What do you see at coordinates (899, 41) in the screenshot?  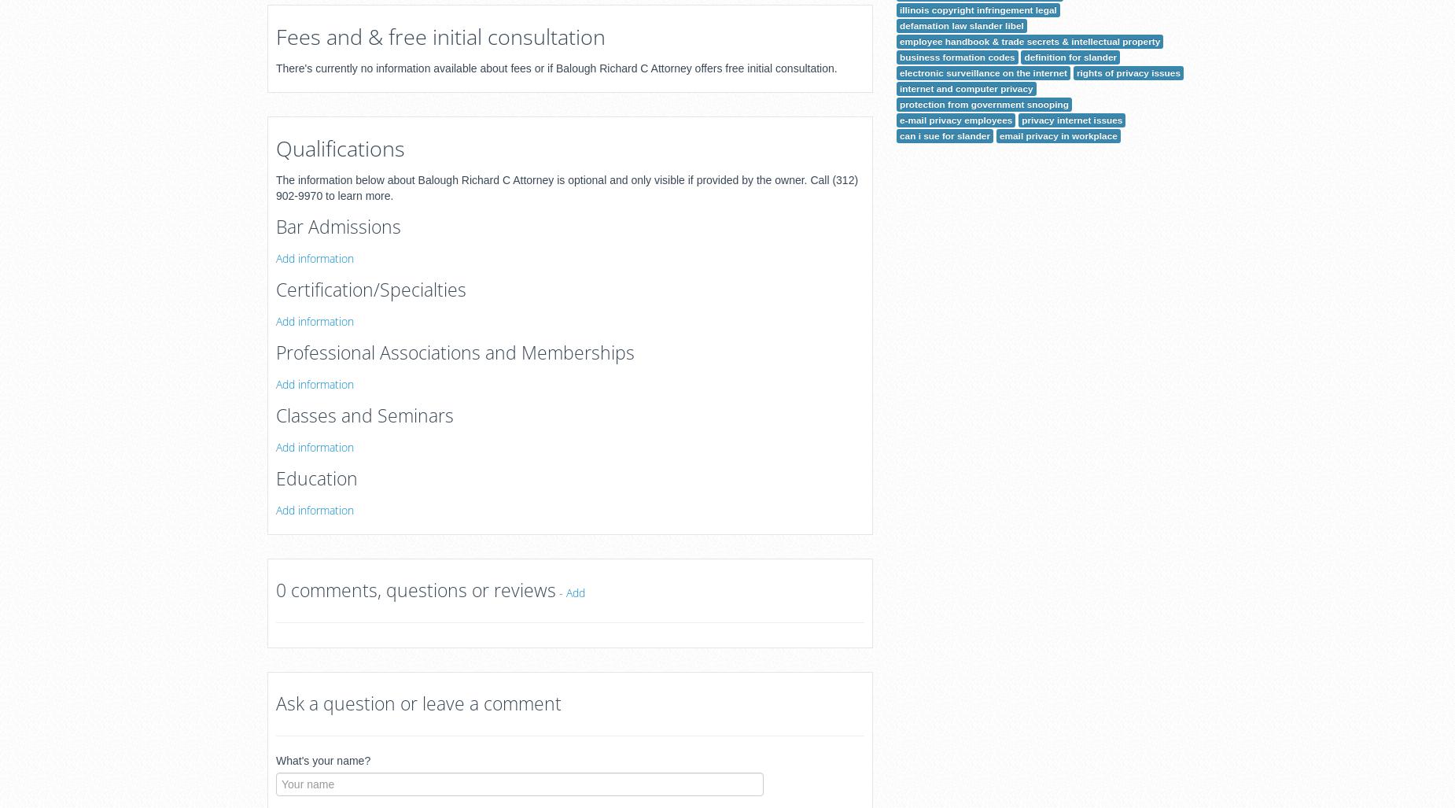 I see `'employee handbook & trade secrets & intellectual property'` at bounding box center [899, 41].